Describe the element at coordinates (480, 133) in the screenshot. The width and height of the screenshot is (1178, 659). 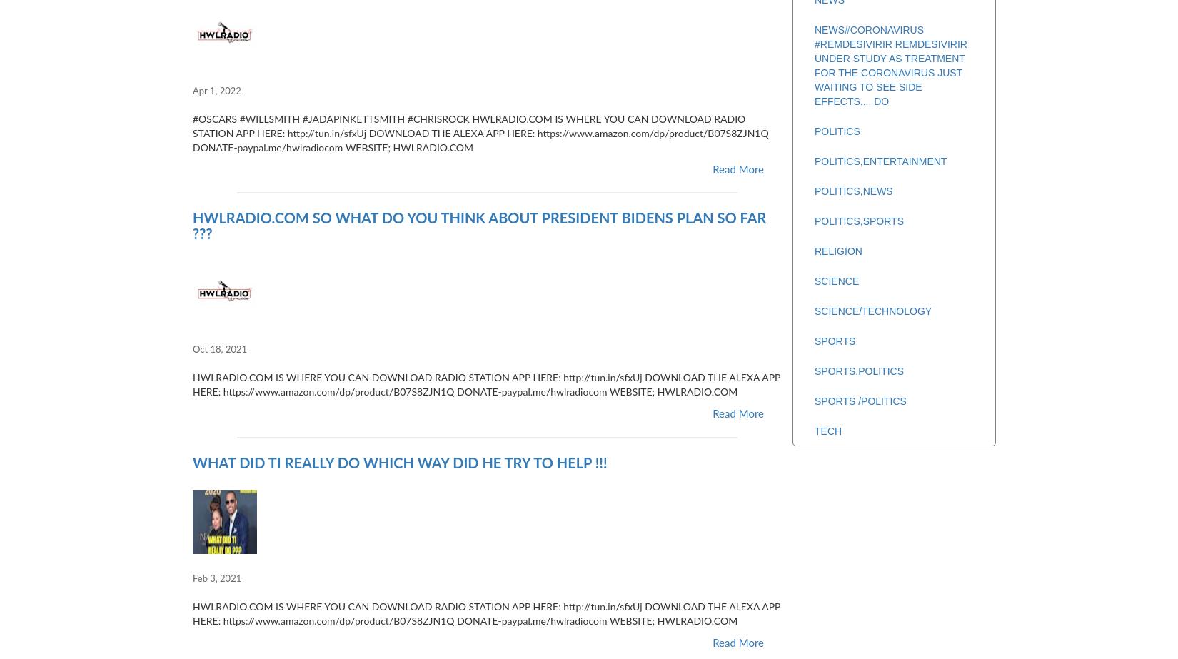
I see `'#OSCARS #WILLSMITH #JADAPINKETTSMITH #CHRISROCK HWLRADIO.COM IS
WHERE YOU CAN DOWNLOAD RADIO STATION APP HERE: http://tun.in/sfxUj
DOWNLOAD THE ALEXA APP HERE:
https://www.amazon.com/dp/product/B07S8ZJN1Q
DONATE-paypal.me/hwlradiocom WEBSITE; HWLRADIO.COM'` at that location.